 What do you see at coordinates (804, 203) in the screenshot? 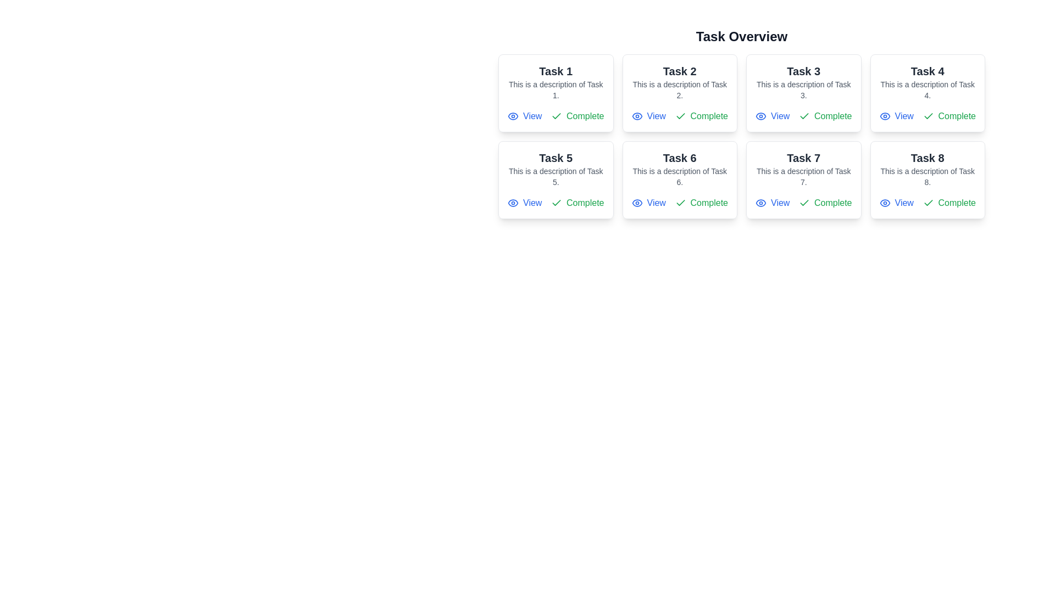
I see `the completion icon located to the left of the 'Complete' text in the 'Task Overview' section to mark 'Task 7' as completed` at bounding box center [804, 203].